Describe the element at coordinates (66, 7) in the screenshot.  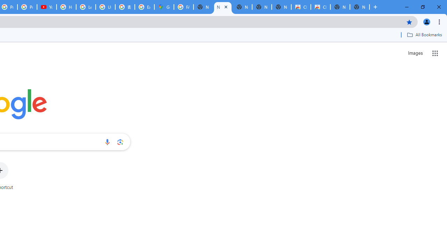
I see `'How Chrome protects your passwords - Google Chrome Help'` at that location.